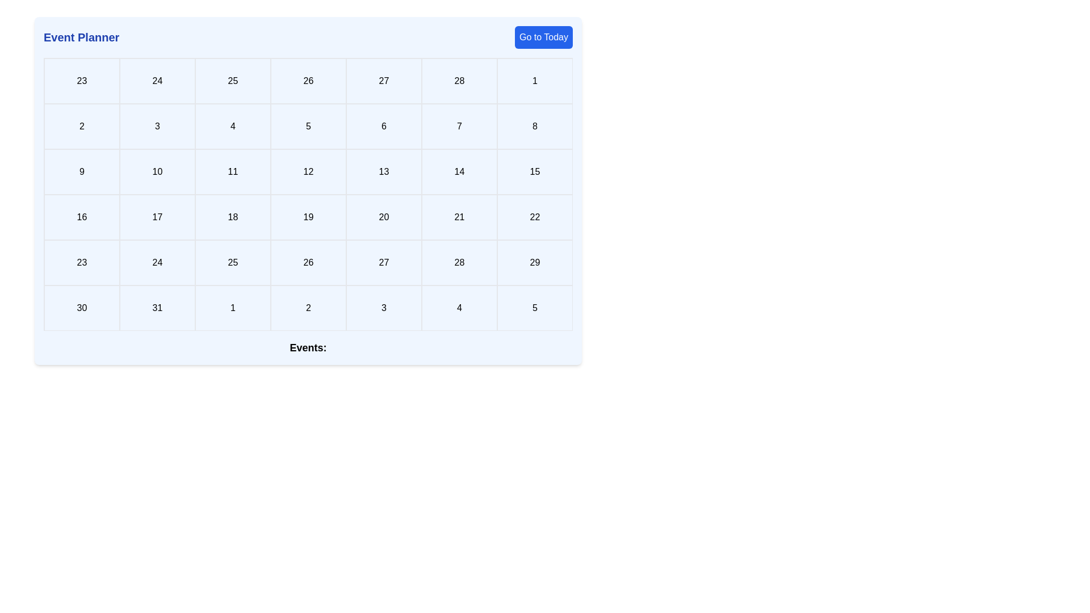  I want to click on the calendar cell displaying the number '16', so click(81, 217).